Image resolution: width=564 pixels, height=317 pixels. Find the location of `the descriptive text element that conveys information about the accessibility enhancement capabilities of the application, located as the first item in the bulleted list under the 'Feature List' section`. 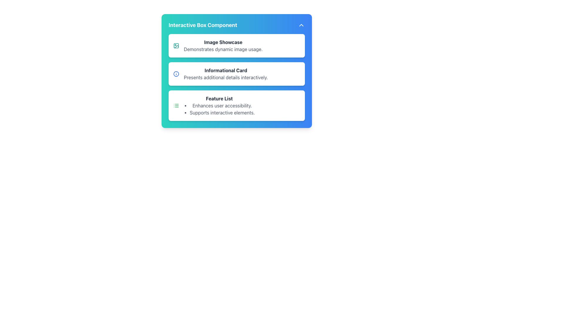

the descriptive text element that conveys information about the accessibility enhancement capabilities of the application, located as the first item in the bulleted list under the 'Feature List' section is located at coordinates (222, 105).